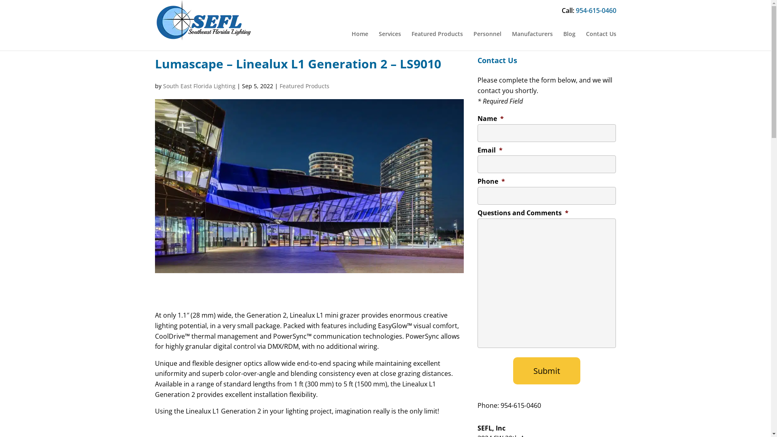 Image resolution: width=777 pixels, height=437 pixels. What do you see at coordinates (601, 34) in the screenshot?
I see `'Contact Us'` at bounding box center [601, 34].